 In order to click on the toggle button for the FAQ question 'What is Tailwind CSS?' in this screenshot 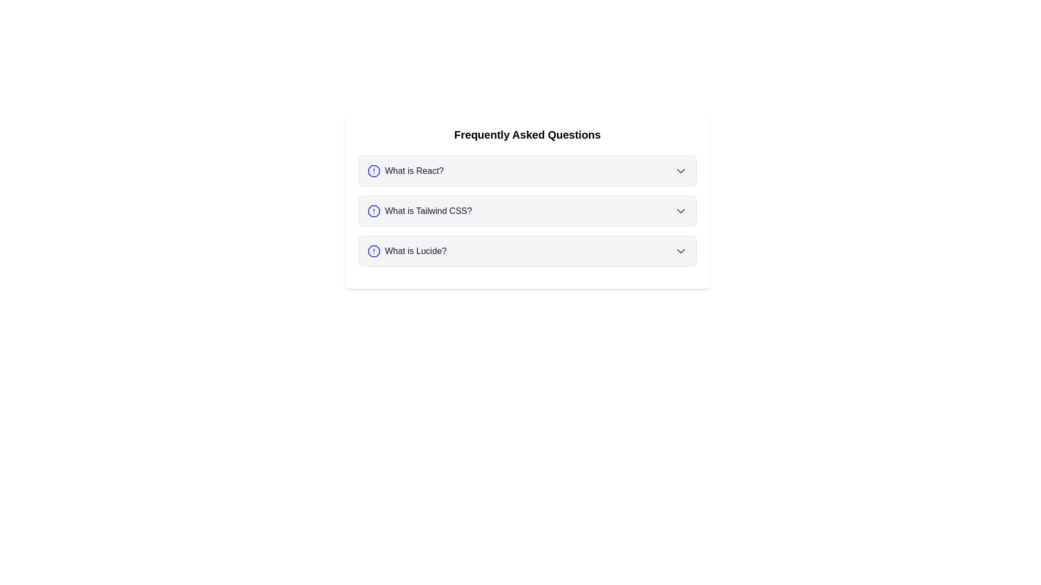, I will do `click(528, 211)`.